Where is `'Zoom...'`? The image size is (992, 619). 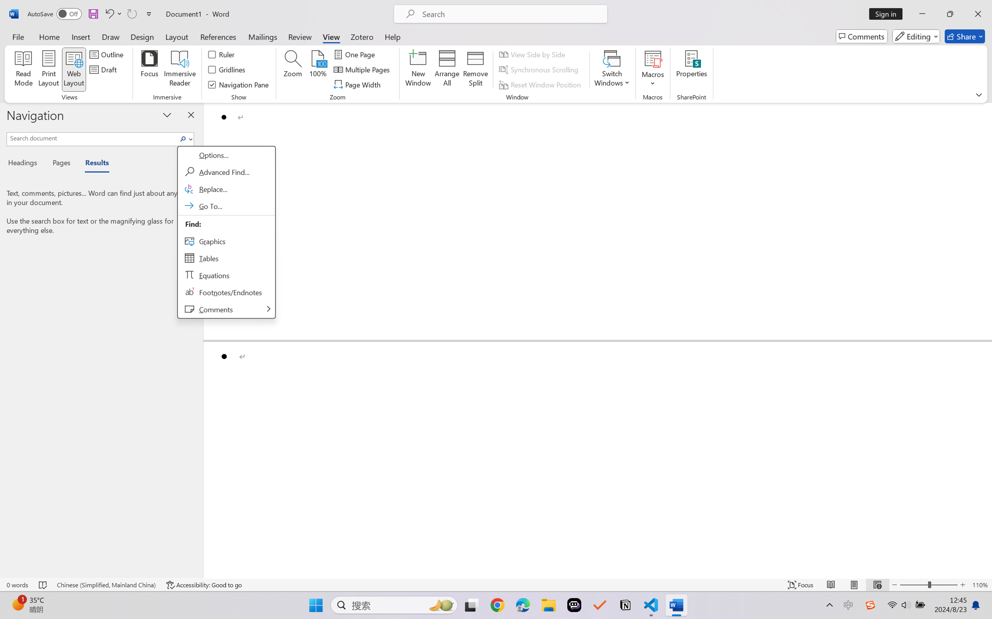
'Zoom...' is located at coordinates (292, 70).